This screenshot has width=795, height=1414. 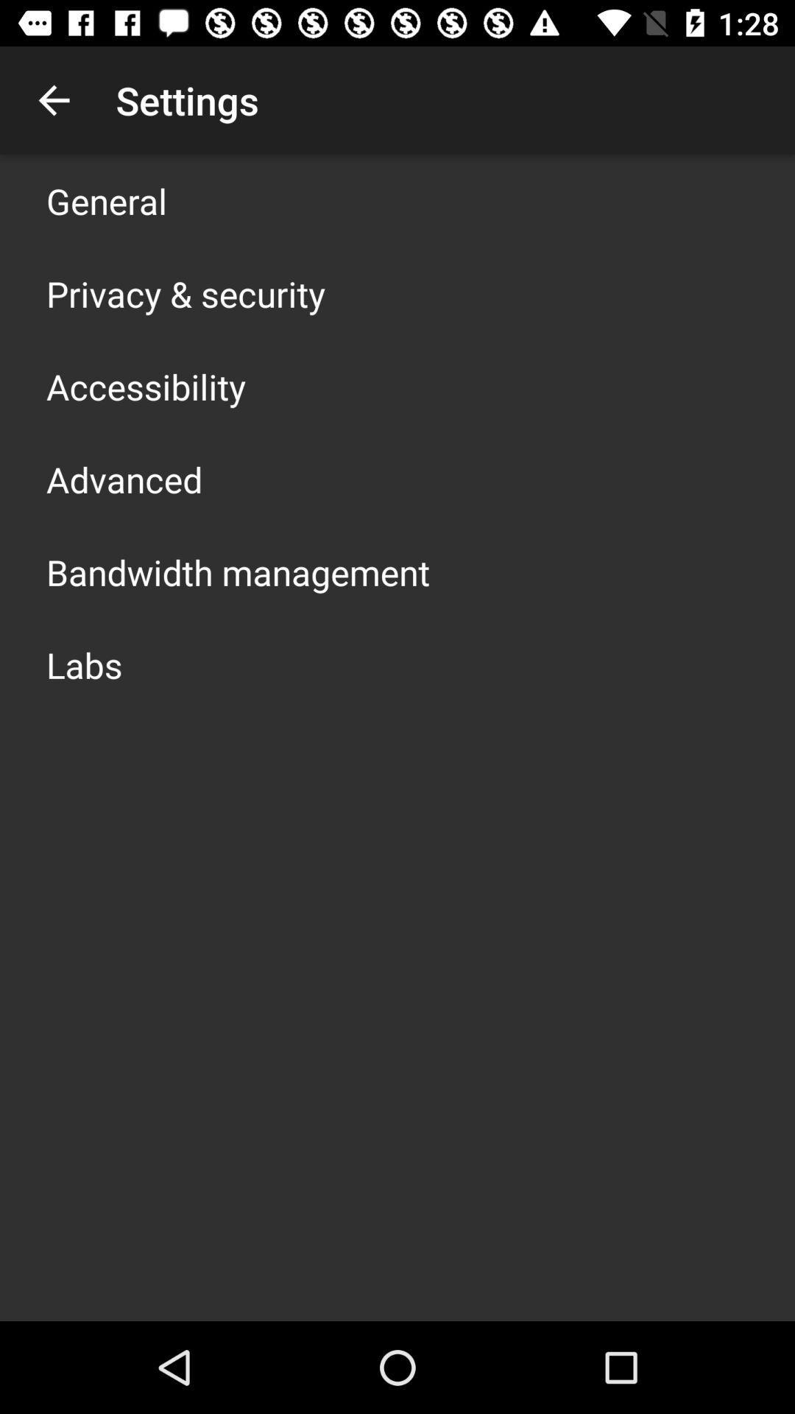 I want to click on the general item, so click(x=106, y=200).